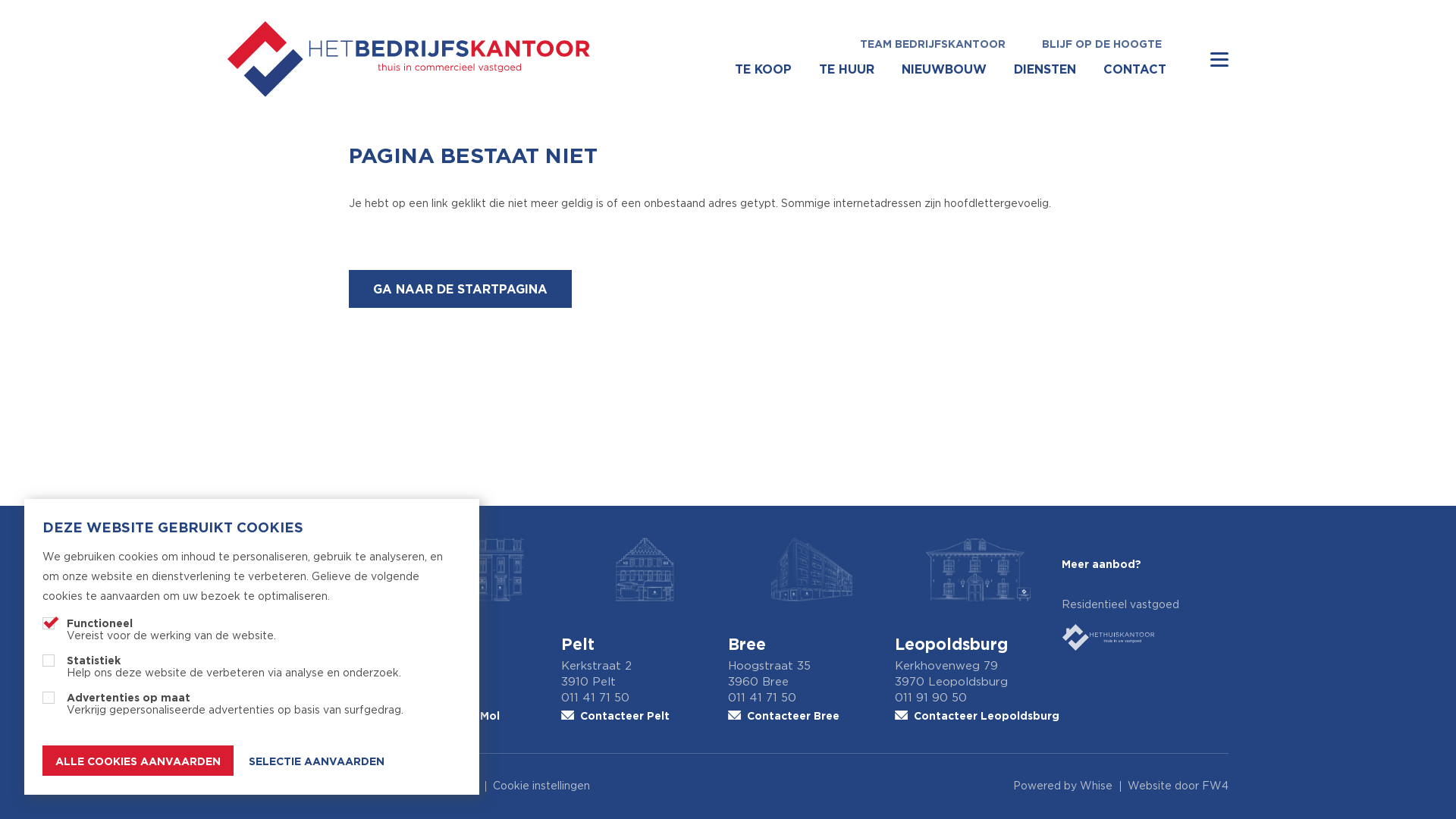 This screenshot has width=1456, height=819. What do you see at coordinates (846, 69) in the screenshot?
I see `'TE HUUR'` at bounding box center [846, 69].